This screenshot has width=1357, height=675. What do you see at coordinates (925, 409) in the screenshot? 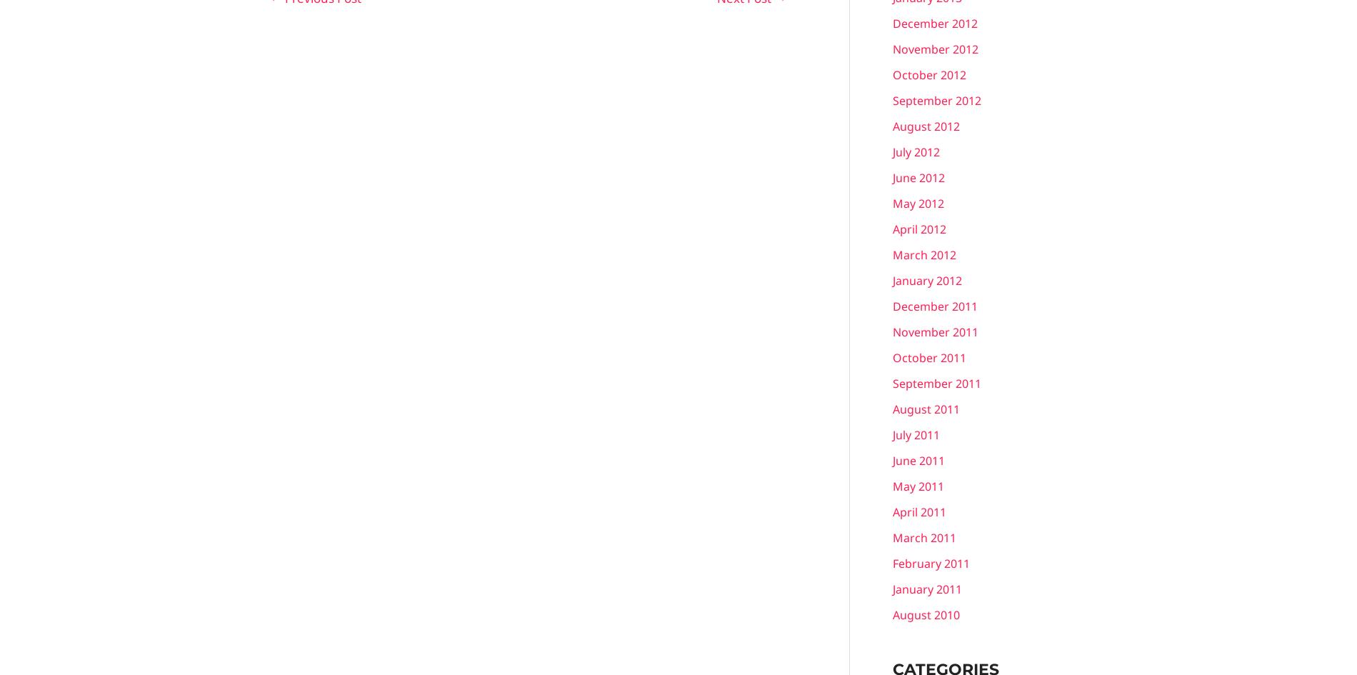
I see `'August 2011'` at bounding box center [925, 409].